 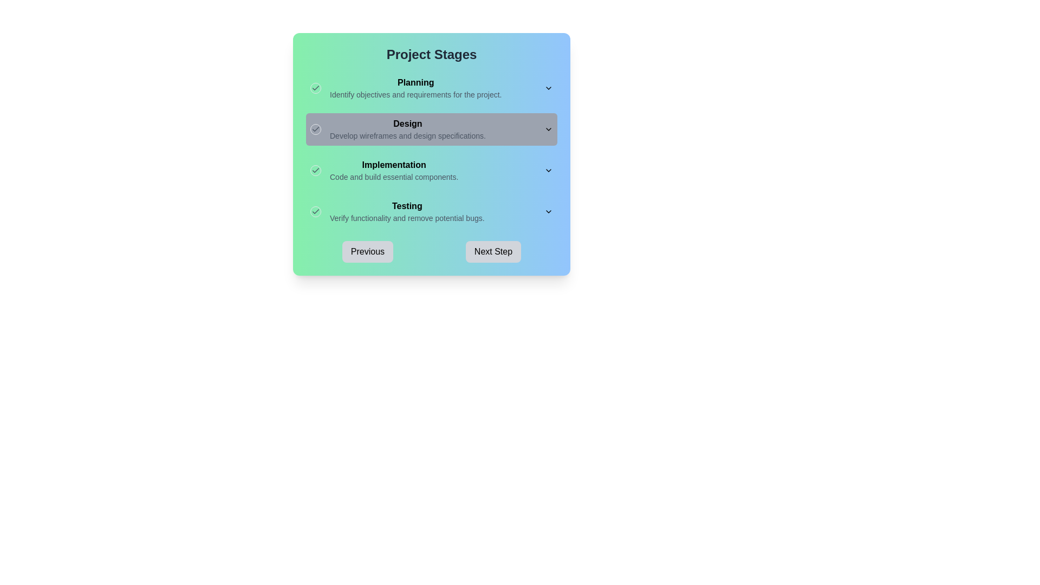 I want to click on the header and description text block for the 'Implementation' stage in the project workflow, located between the 'Design' and 'Testing' stages, so click(x=393, y=171).